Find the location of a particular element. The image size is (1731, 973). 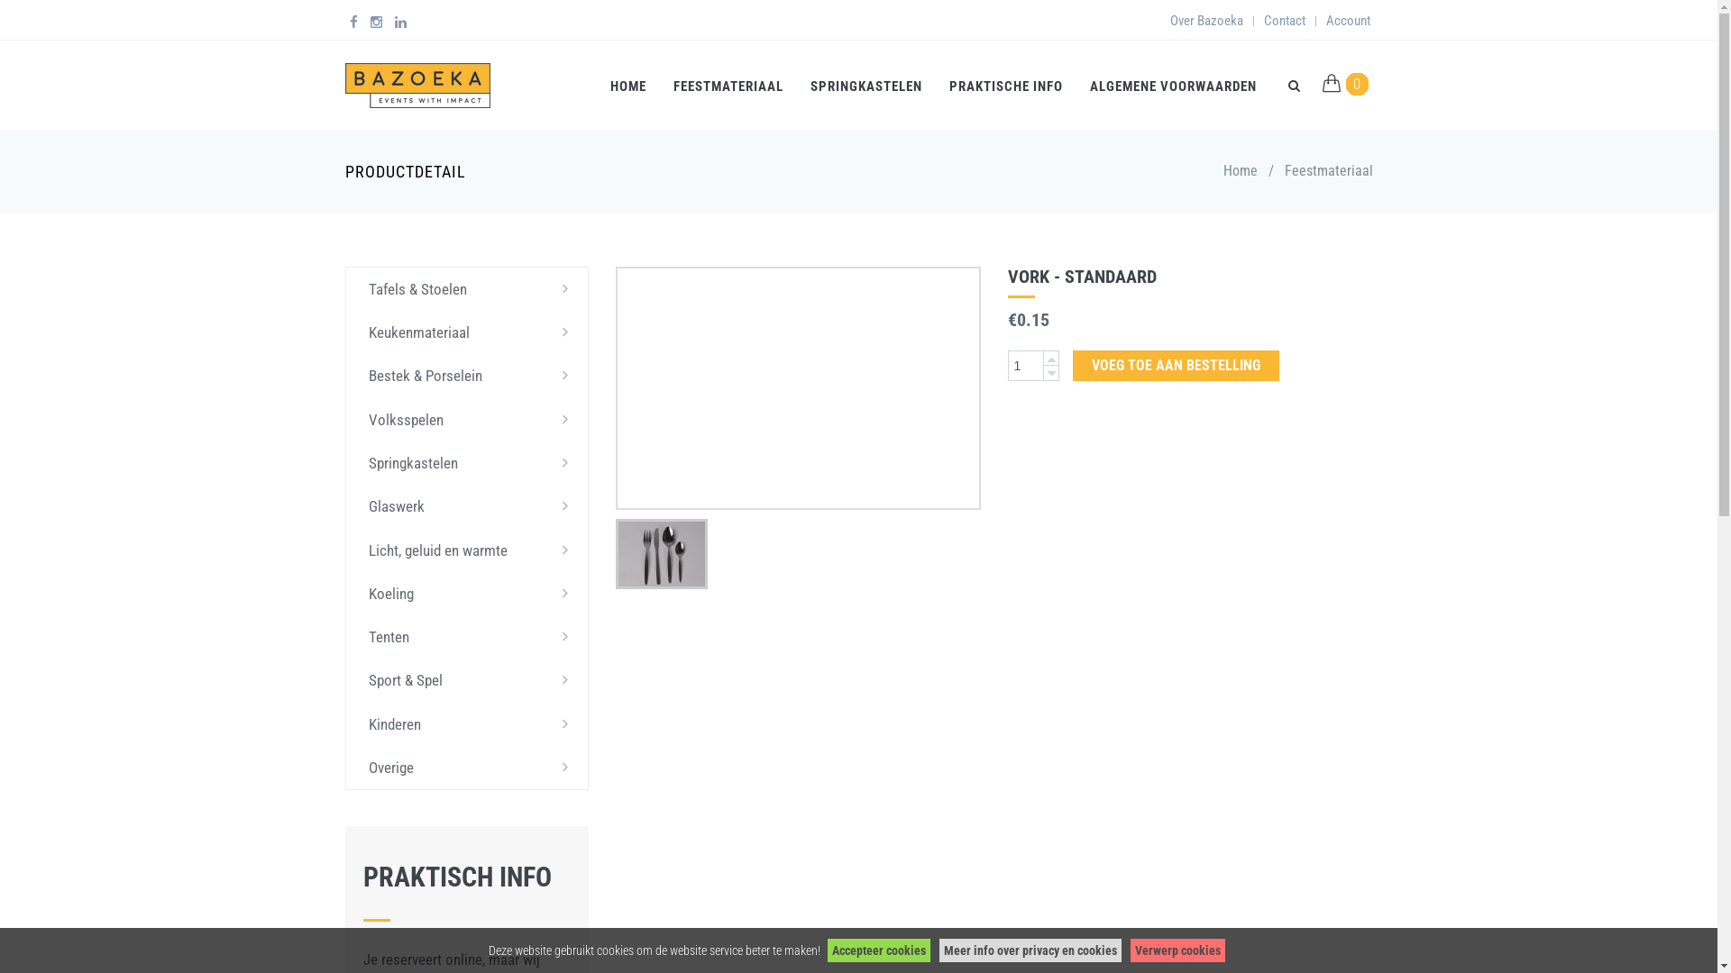

'Tenten' is located at coordinates (467, 635).